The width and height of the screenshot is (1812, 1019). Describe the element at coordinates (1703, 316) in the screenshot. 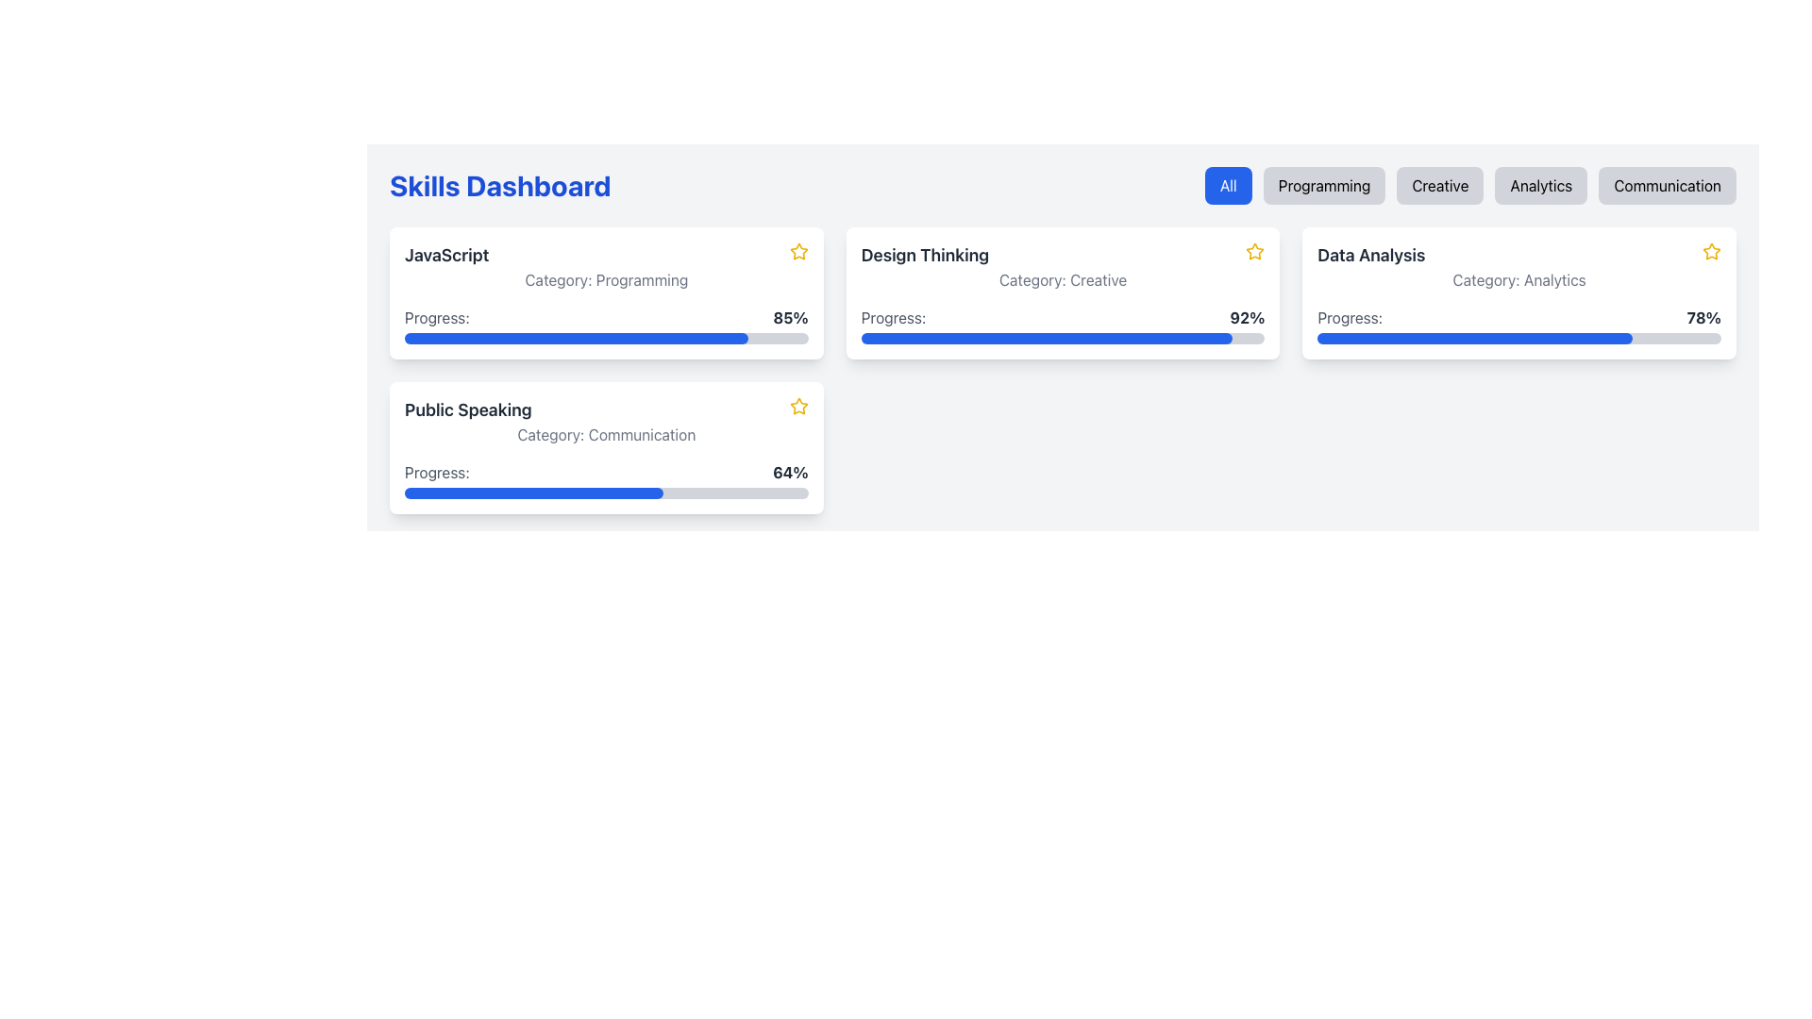

I see `the static text element displaying '78%' which is located within the 'Data Analysis' progress card, positioned to the right of the 'Progress:' text` at that location.